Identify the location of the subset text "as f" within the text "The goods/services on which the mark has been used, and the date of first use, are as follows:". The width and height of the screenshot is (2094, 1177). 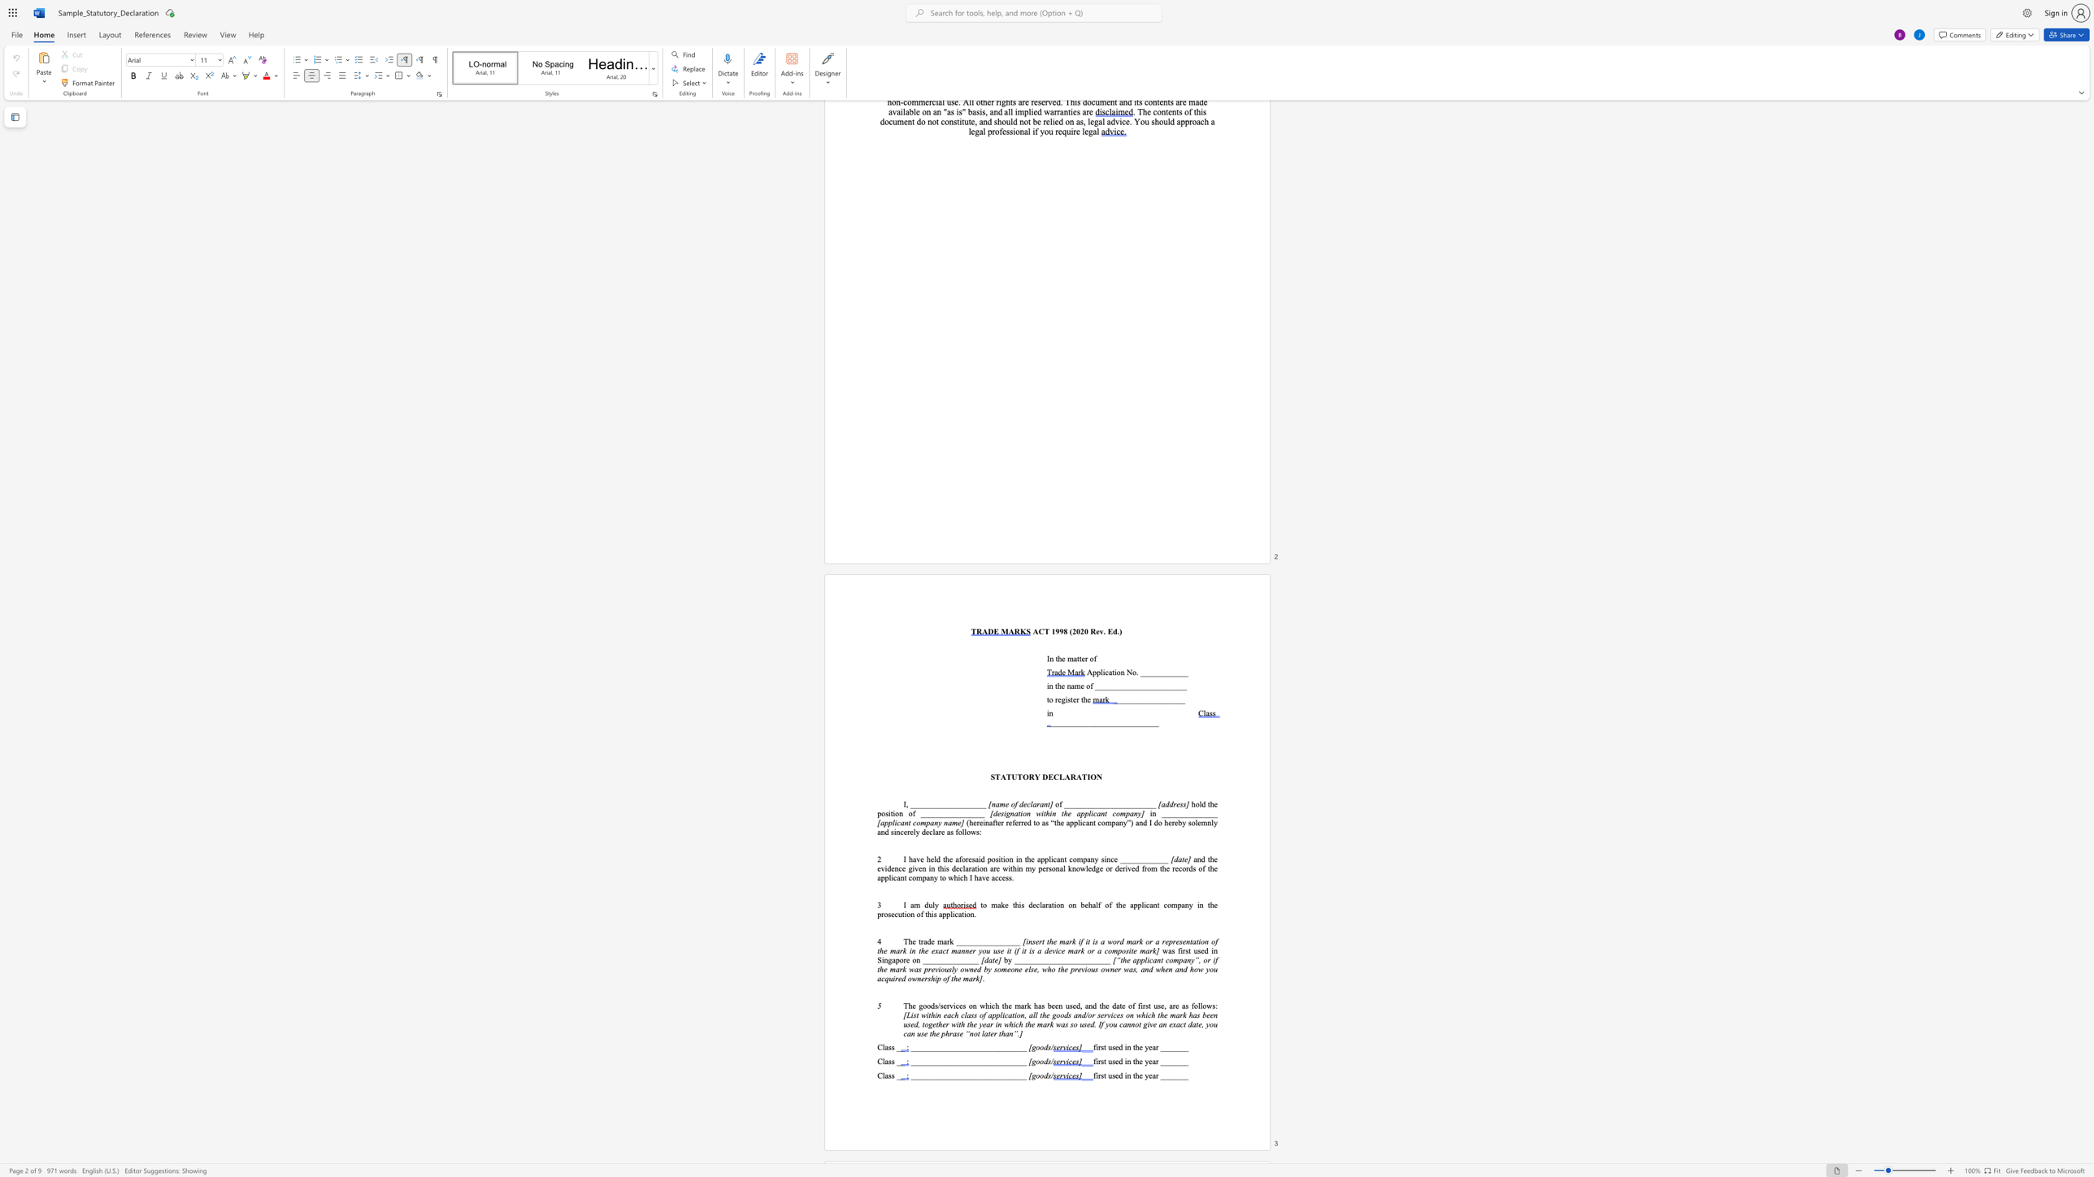
(1181, 1004).